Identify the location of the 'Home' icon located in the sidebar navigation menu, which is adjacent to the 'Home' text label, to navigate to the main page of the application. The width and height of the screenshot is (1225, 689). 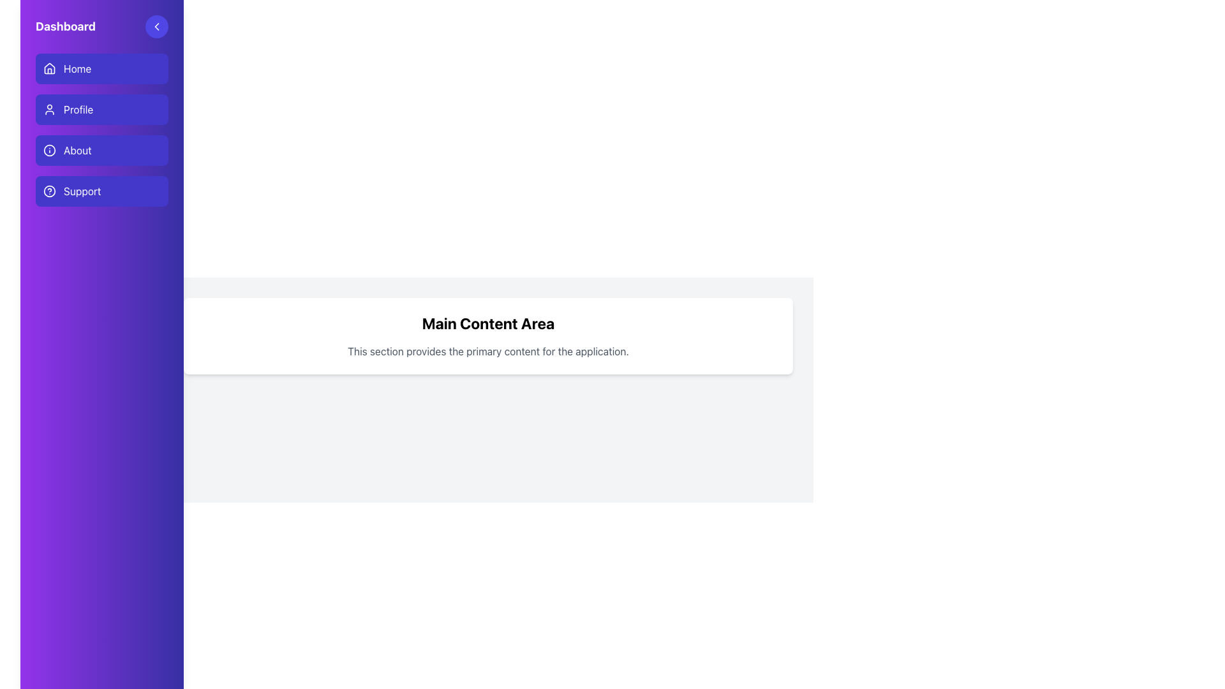
(49, 68).